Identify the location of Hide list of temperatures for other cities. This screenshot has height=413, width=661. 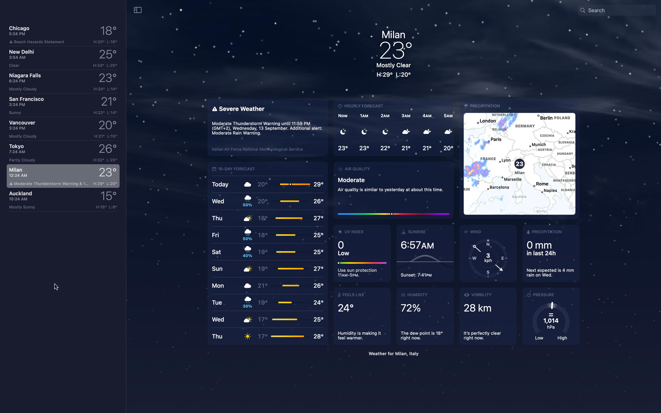
(138, 10).